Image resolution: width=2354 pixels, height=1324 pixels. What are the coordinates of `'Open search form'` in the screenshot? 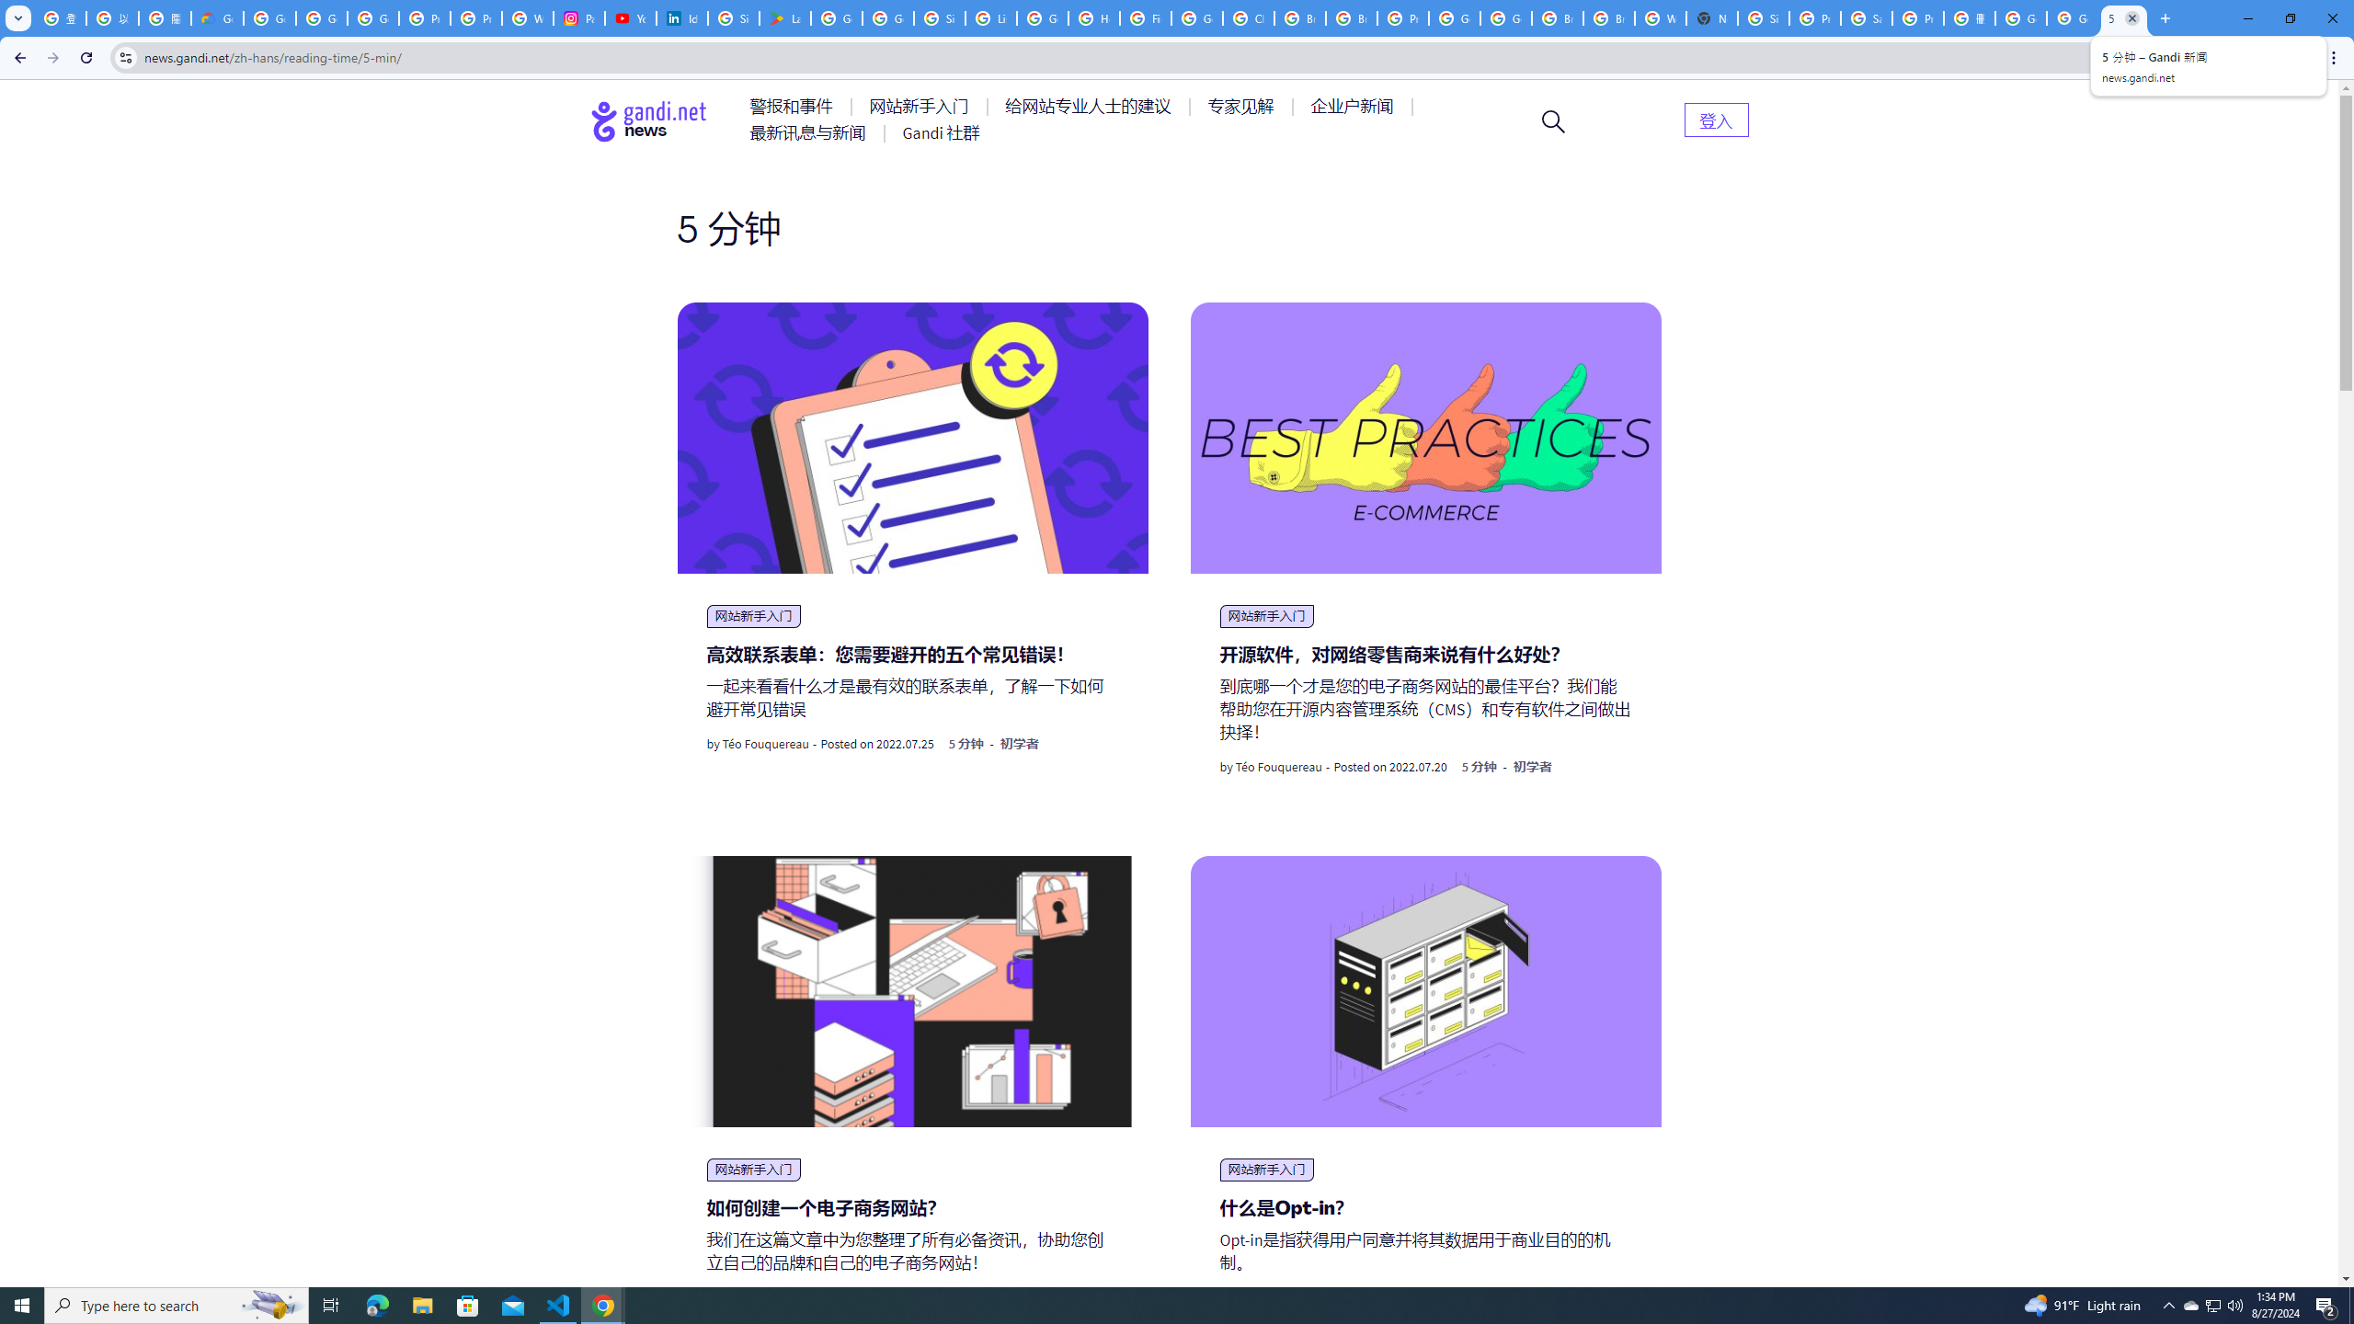 It's located at (1552, 120).